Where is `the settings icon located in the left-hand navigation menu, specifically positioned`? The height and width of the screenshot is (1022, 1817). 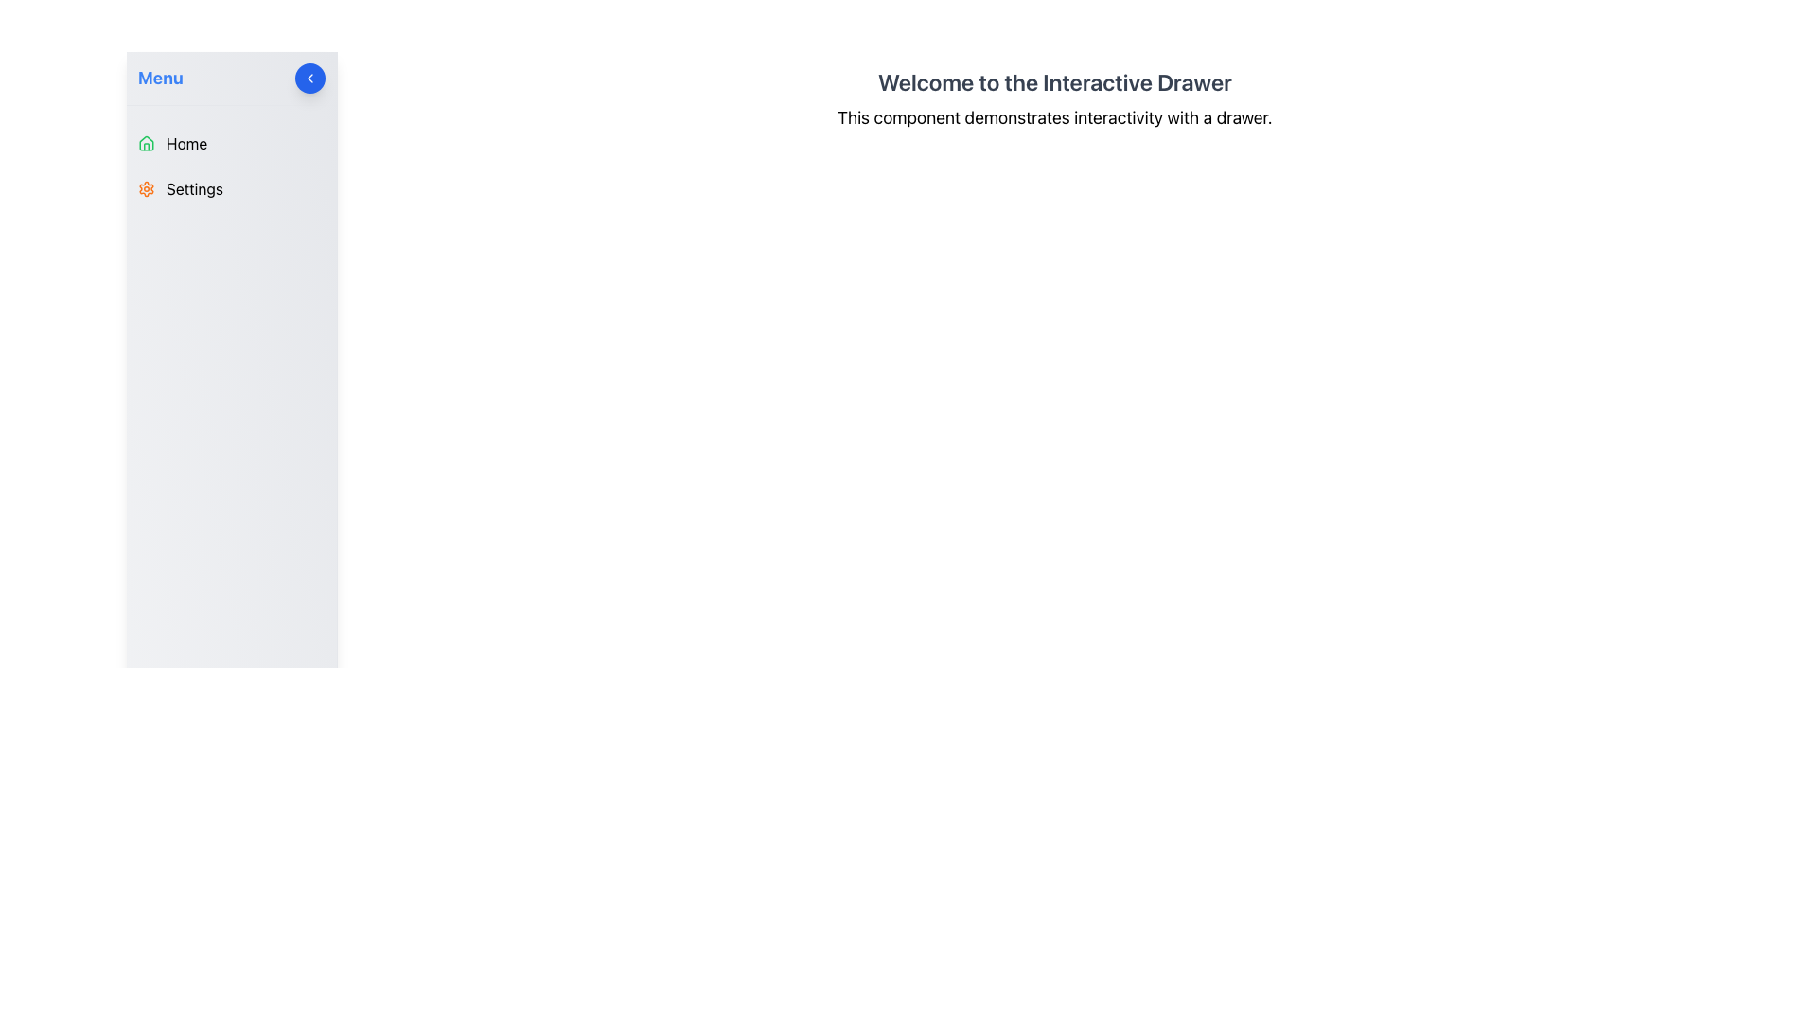
the settings icon located in the left-hand navigation menu, specifically positioned is located at coordinates (145, 189).